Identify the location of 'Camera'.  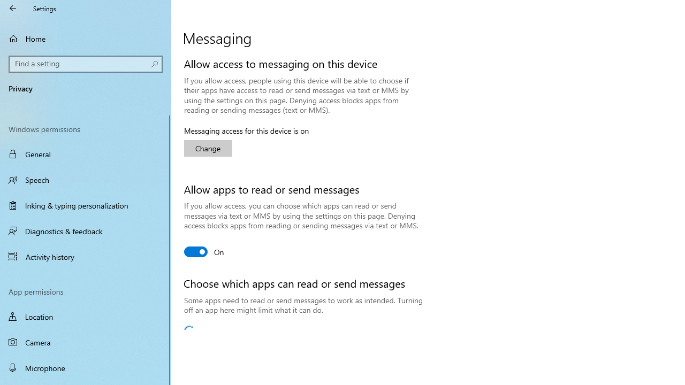
(86, 342).